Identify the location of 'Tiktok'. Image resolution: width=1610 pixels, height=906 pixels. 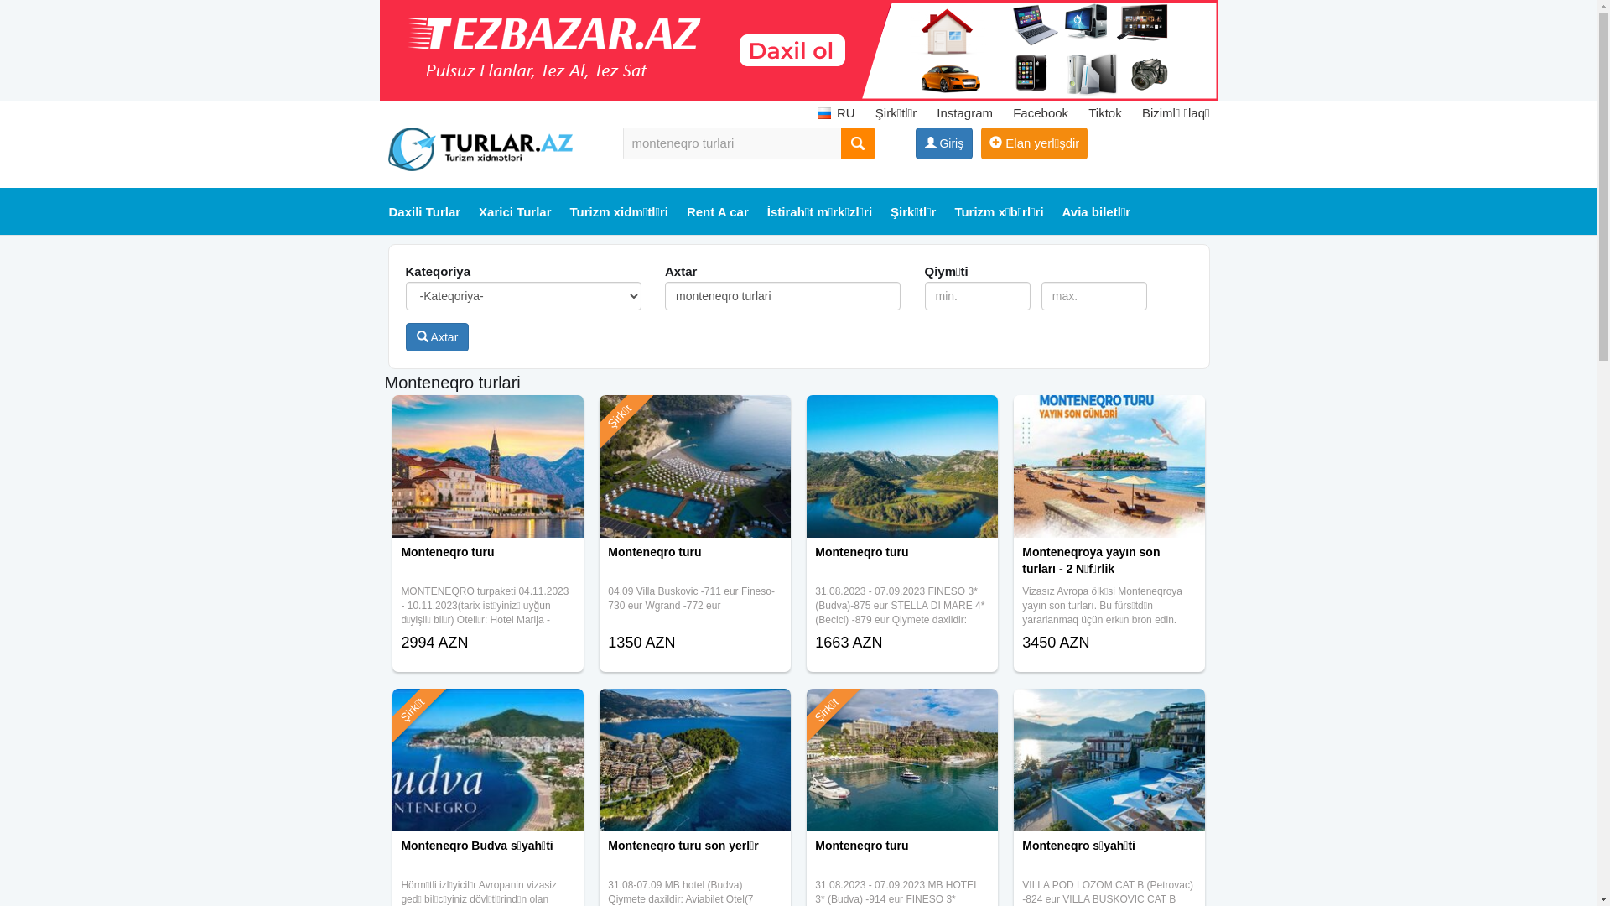
(1104, 112).